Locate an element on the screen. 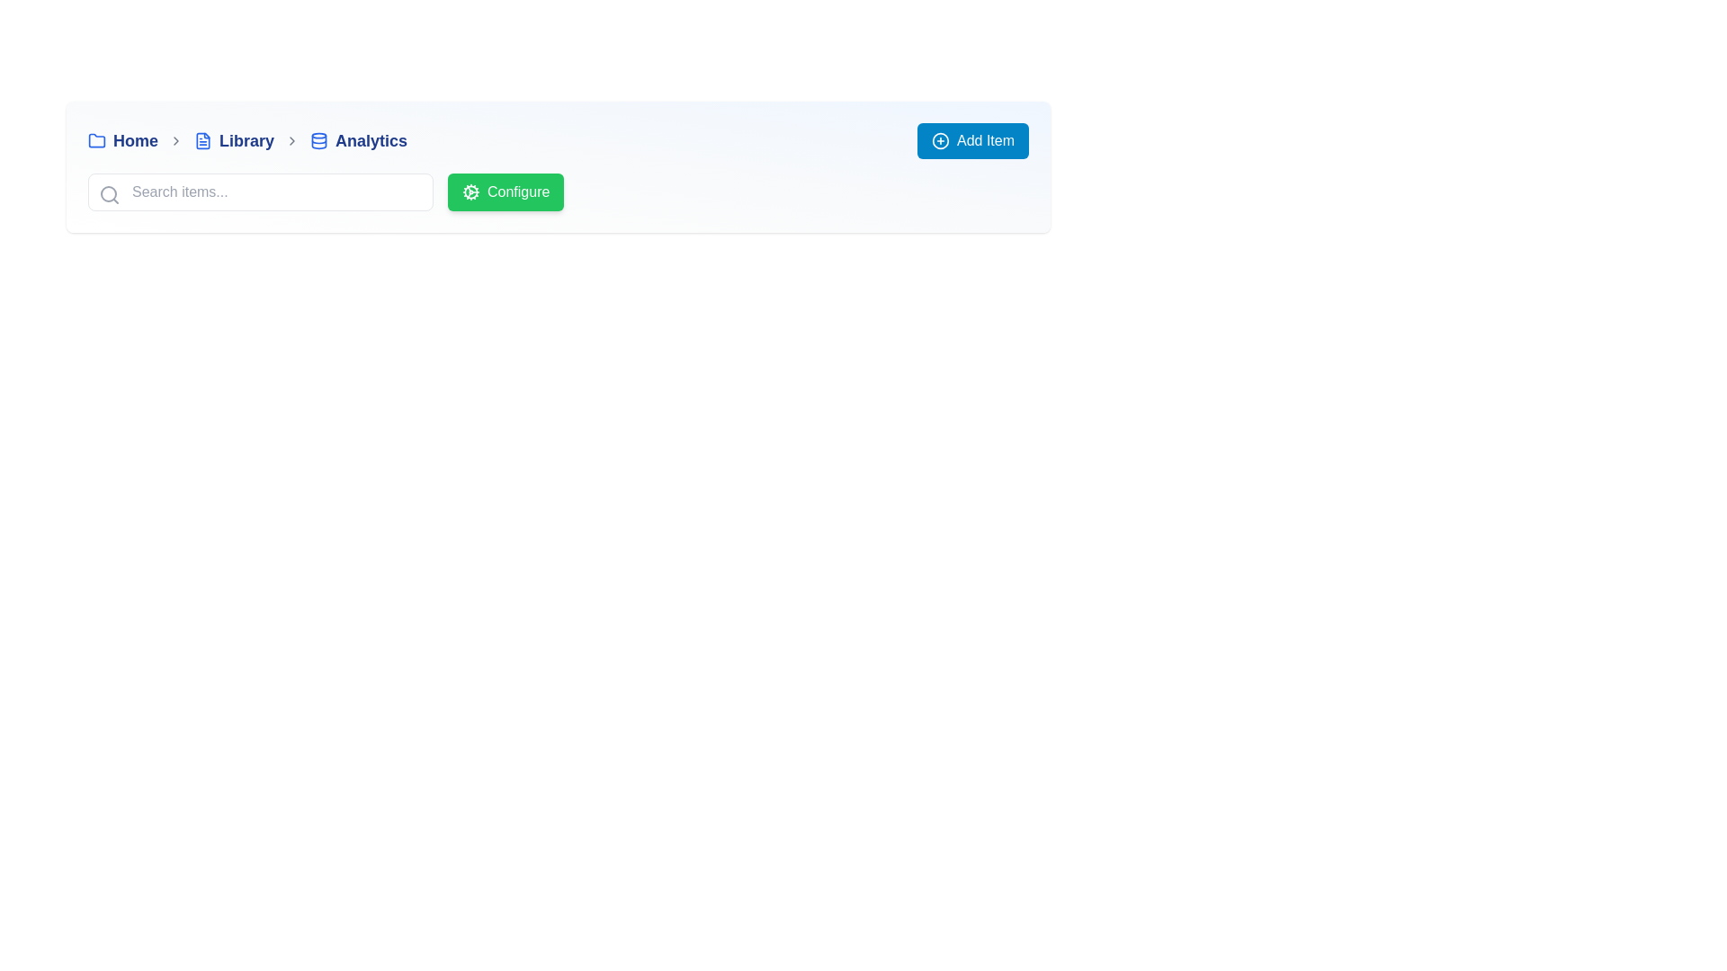 This screenshot has height=971, width=1727. the 'Library' navigational link in the breadcrumb component, which is the second item between 'Home' and 'Analytics' is located at coordinates (233, 140).